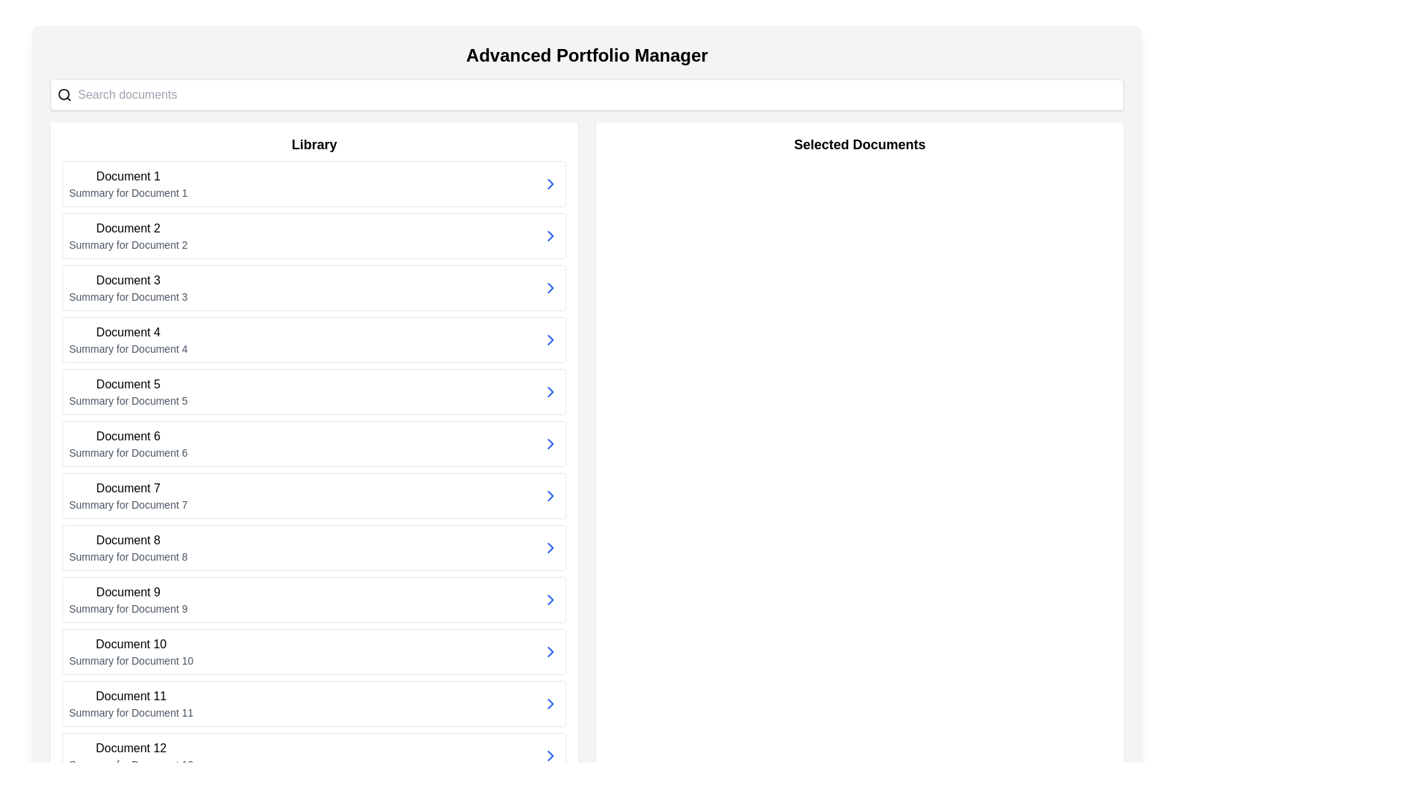 The width and height of the screenshot is (1427, 802). What do you see at coordinates (549, 183) in the screenshot?
I see `the right-facing chevron arrow icon with a blue stroke color` at bounding box center [549, 183].